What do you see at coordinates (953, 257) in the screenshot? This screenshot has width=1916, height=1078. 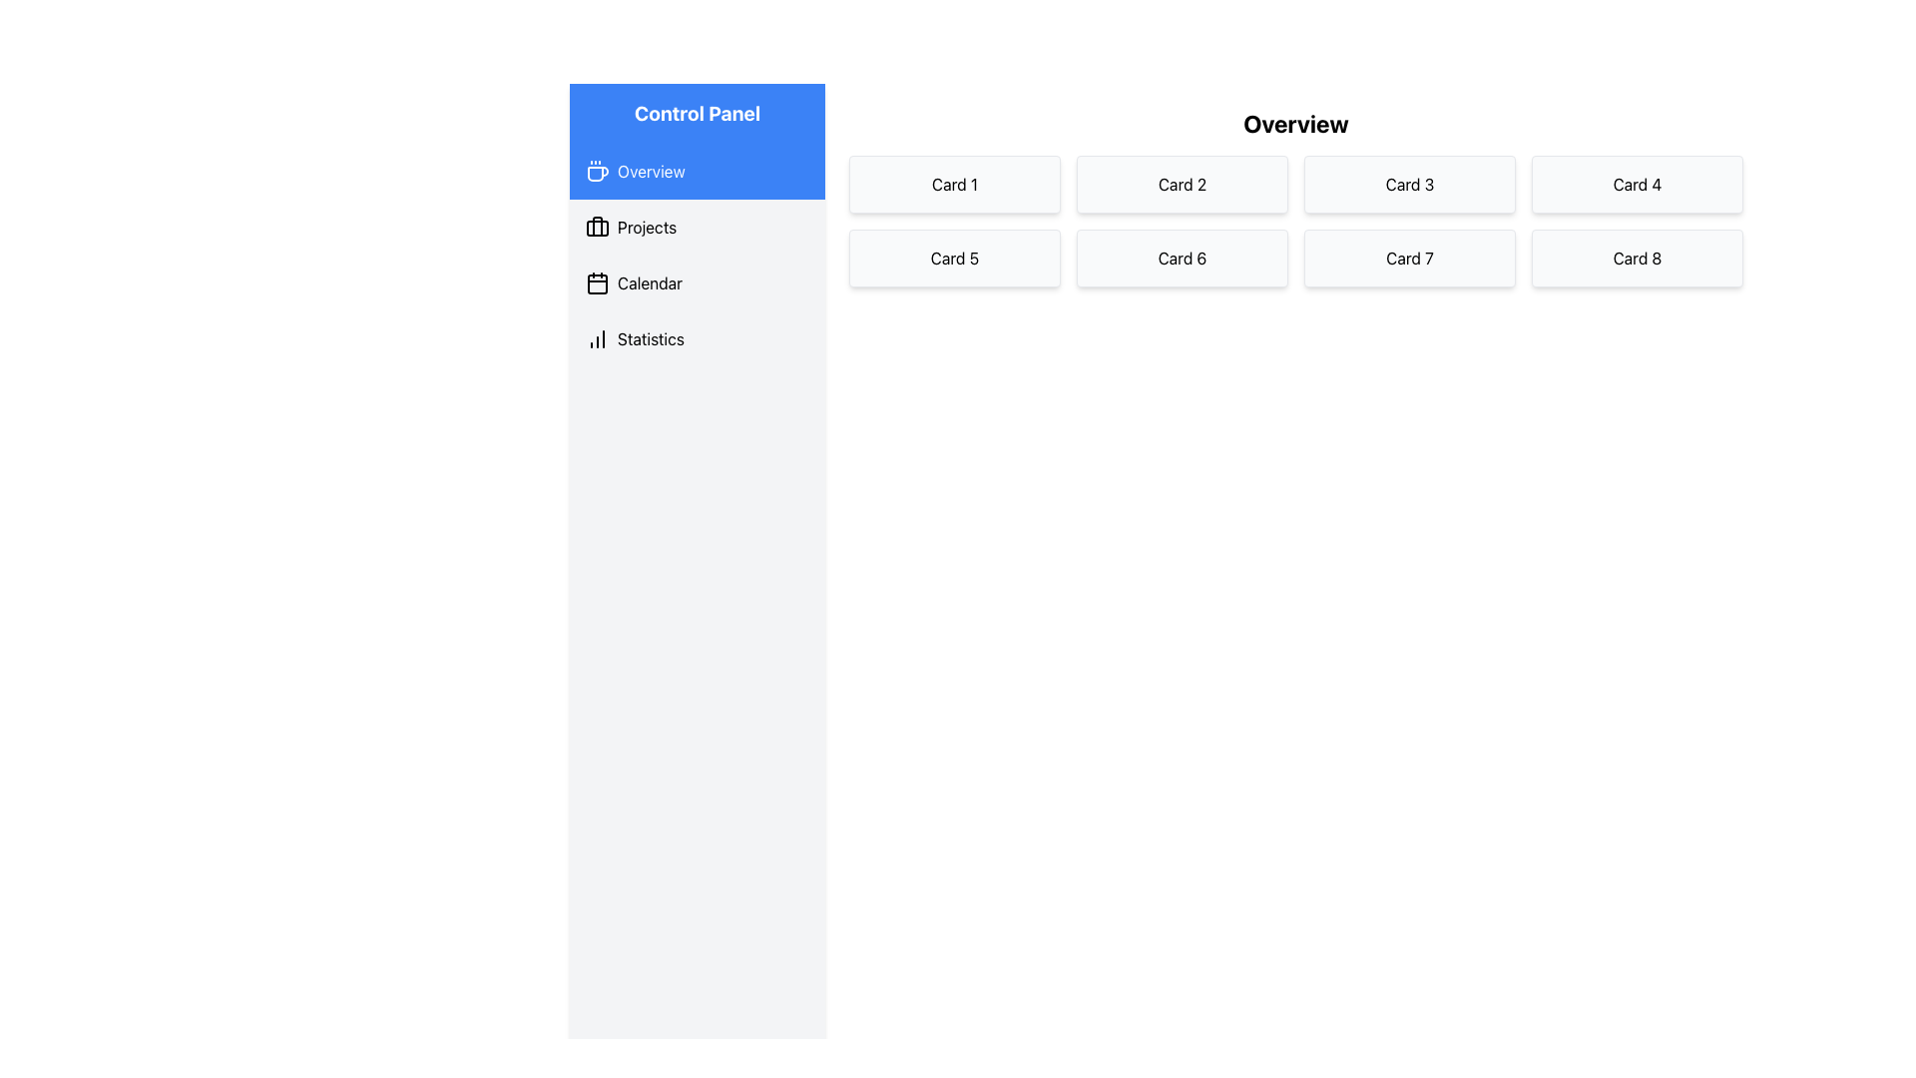 I see `the text label that reads 'Card 5', which is bold and centered inside a rectangular card with a light gray background and rounded corners, located in the second row and first column of the grid layout` at bounding box center [953, 257].